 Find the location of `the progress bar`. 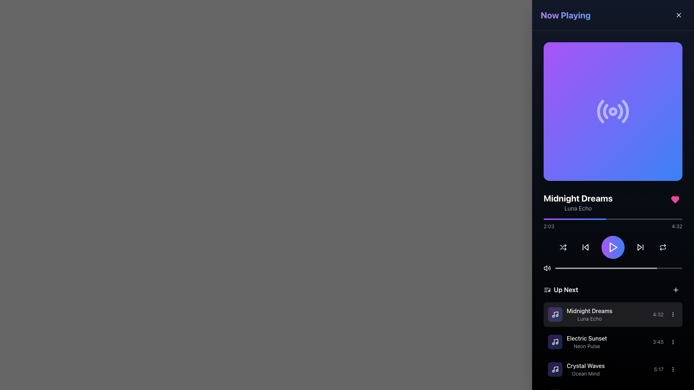

the progress bar is located at coordinates (549, 218).